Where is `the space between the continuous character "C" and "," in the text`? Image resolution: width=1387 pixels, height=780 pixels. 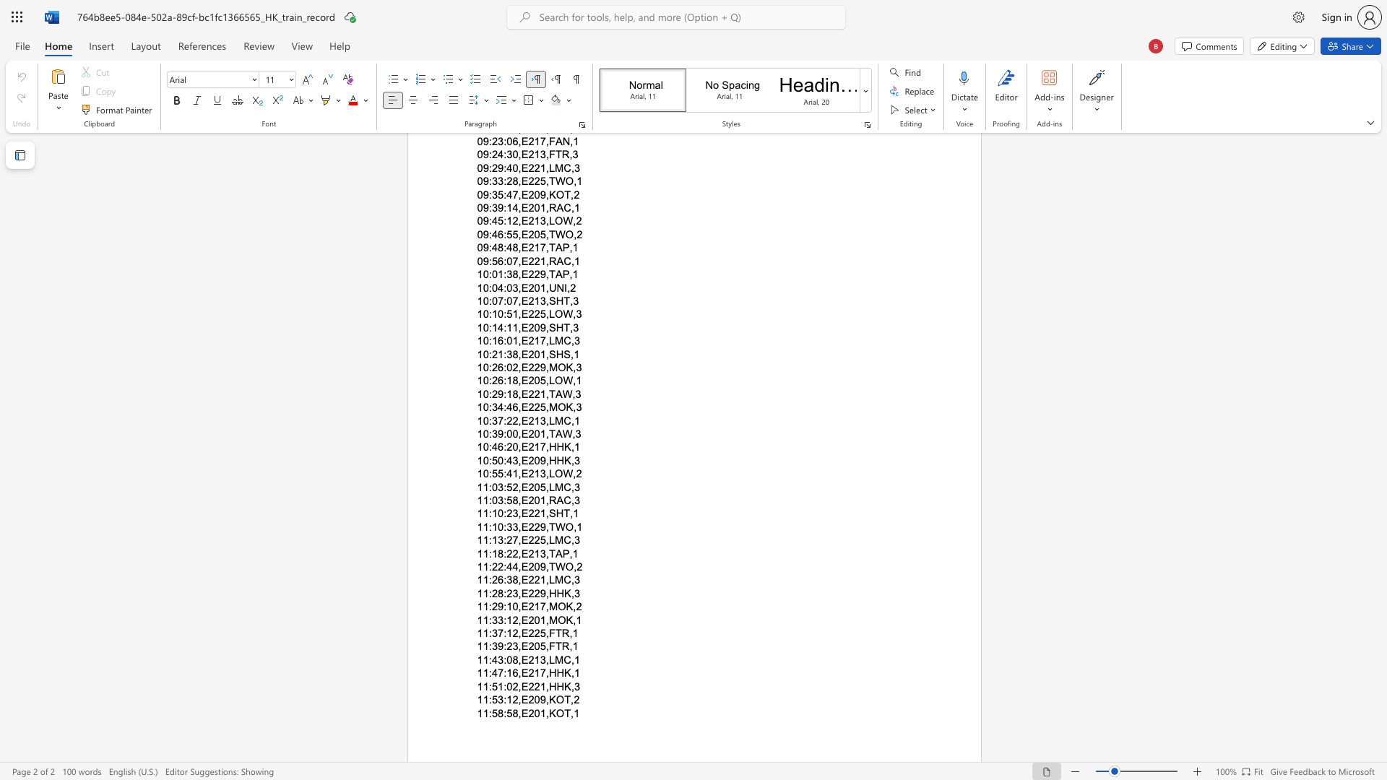 the space between the continuous character "C" and "," in the text is located at coordinates (569, 500).